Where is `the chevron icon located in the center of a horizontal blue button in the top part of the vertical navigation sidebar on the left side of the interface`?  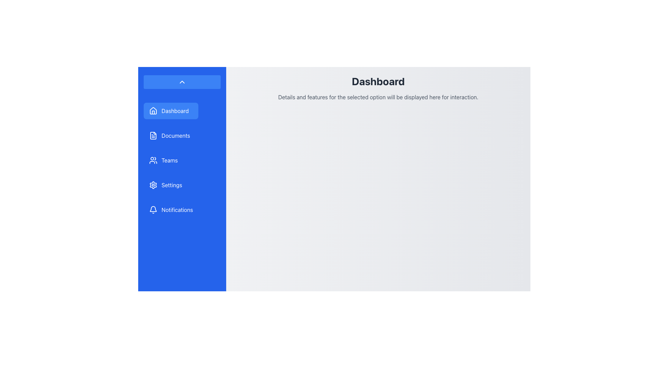 the chevron icon located in the center of a horizontal blue button in the top part of the vertical navigation sidebar on the left side of the interface is located at coordinates (182, 82).